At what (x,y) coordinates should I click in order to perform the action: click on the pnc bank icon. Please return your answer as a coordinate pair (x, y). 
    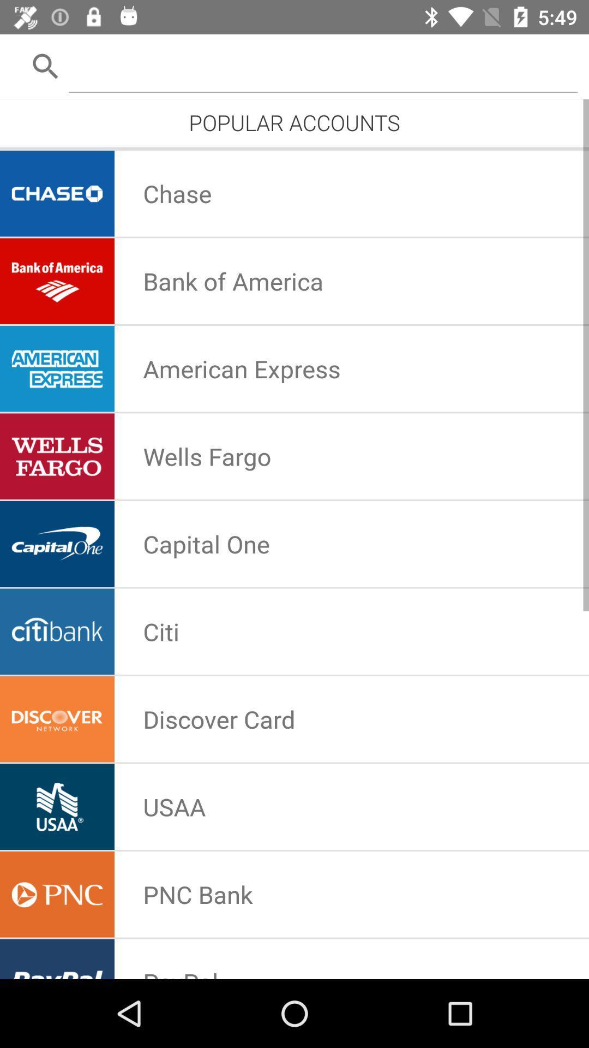
    Looking at the image, I should click on (197, 894).